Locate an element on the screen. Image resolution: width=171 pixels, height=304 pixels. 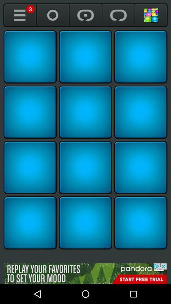
home screen is located at coordinates (151, 15).